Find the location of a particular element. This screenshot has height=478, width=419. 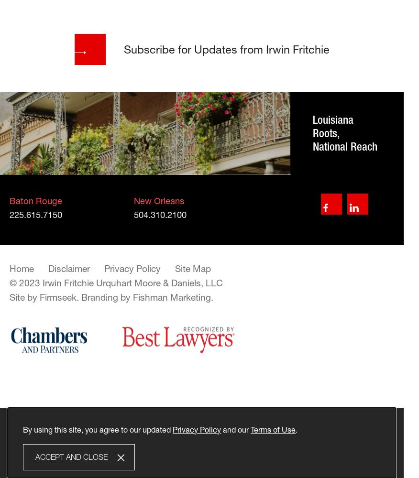

'Site by Firmseek.' is located at coordinates (44, 297).